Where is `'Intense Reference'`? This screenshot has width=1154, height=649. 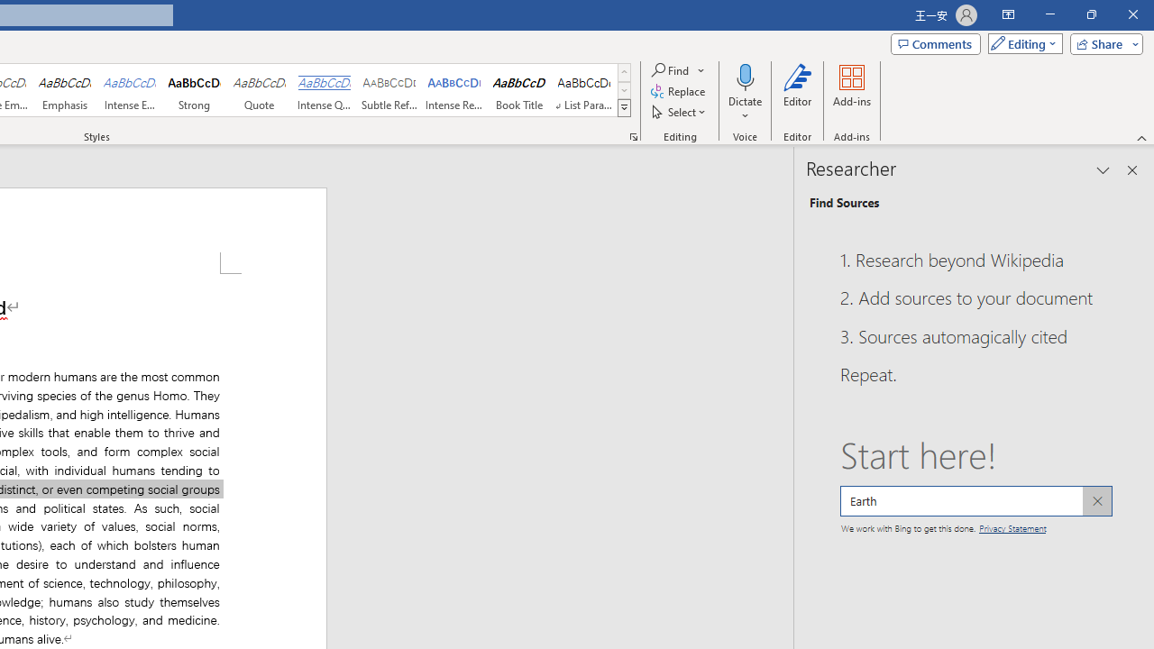
'Intense Reference' is located at coordinates (454, 90).